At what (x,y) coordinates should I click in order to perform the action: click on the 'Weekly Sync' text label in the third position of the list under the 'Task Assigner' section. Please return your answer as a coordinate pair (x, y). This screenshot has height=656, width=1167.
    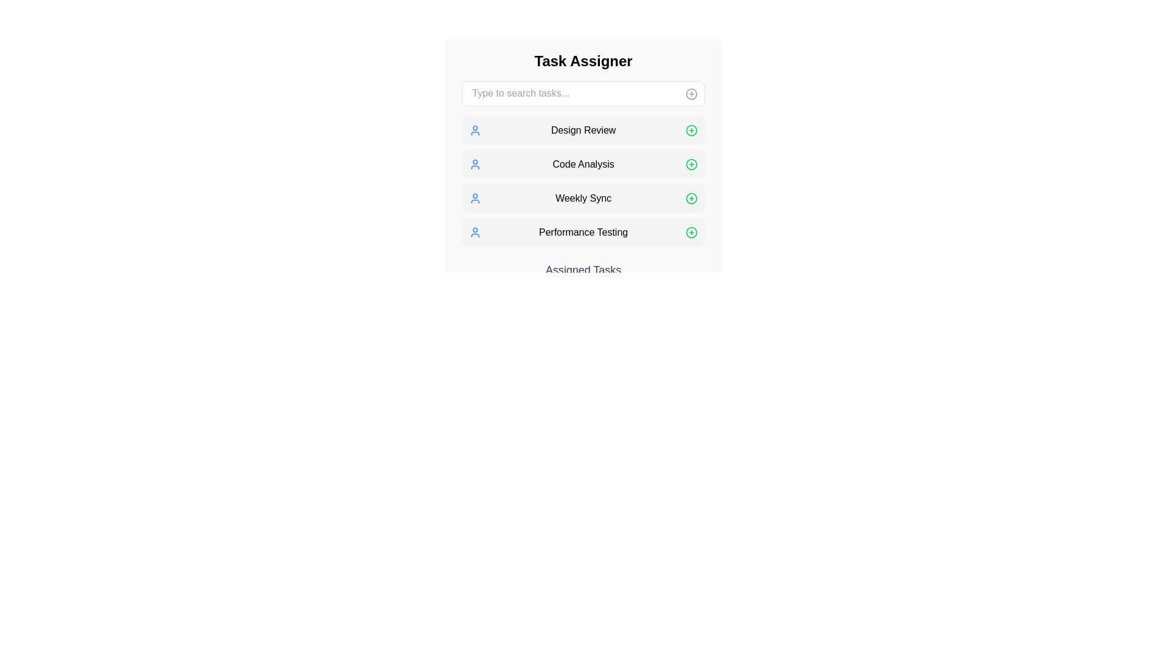
    Looking at the image, I should click on (583, 198).